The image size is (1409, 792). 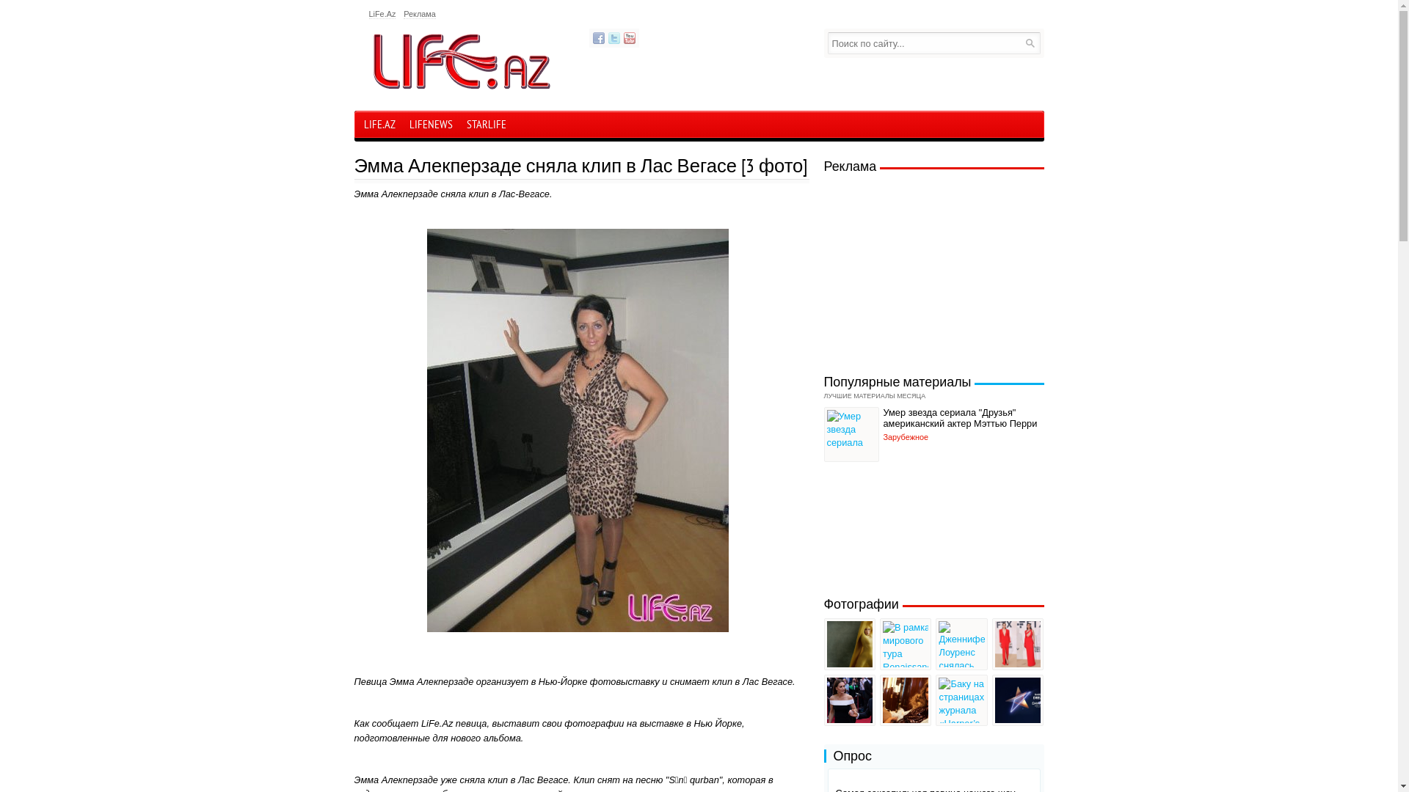 What do you see at coordinates (592, 37) in the screenshot?
I see `'Facebook'` at bounding box center [592, 37].